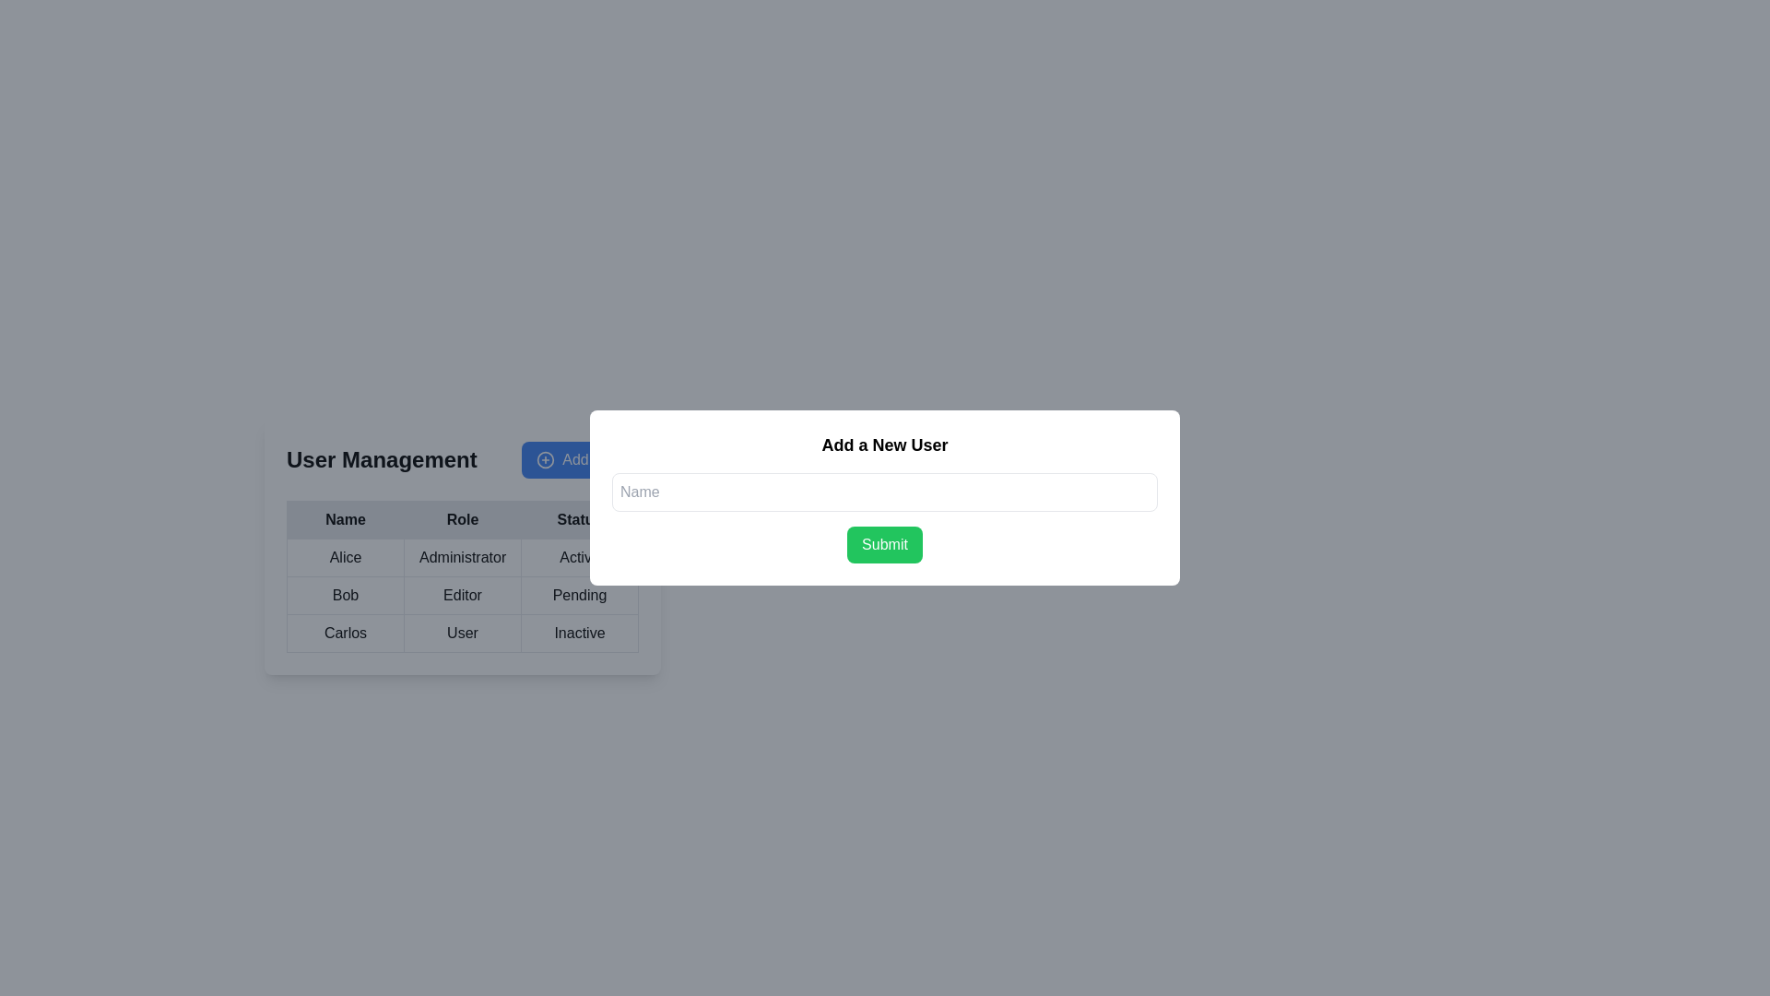 This screenshot has height=996, width=1770. Describe the element at coordinates (345, 595) in the screenshot. I see `the Text Label displaying 'Bob' in the 'Name' column of the user information table` at that location.